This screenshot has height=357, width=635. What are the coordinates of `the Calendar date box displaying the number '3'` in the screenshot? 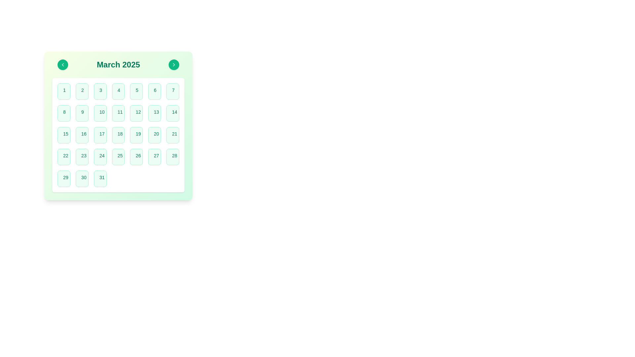 It's located at (100, 92).